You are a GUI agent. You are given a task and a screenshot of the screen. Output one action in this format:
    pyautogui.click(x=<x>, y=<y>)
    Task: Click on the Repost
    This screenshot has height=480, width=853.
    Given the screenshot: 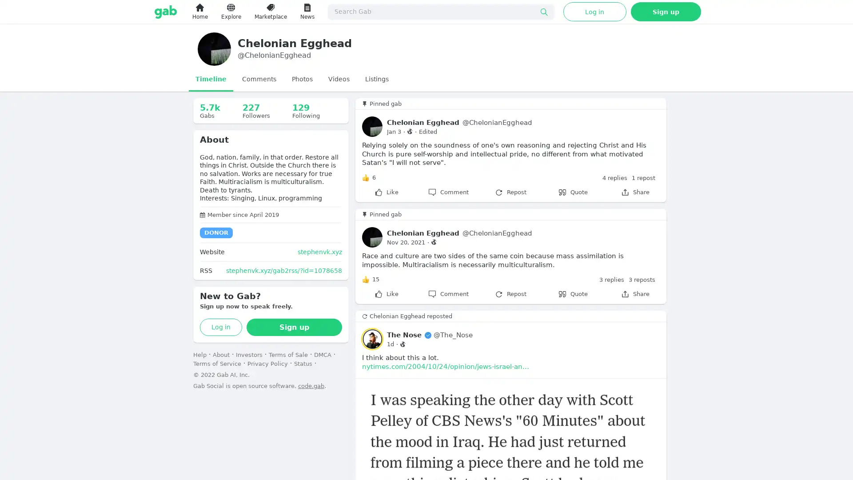 What is the action you would take?
    pyautogui.click(x=511, y=192)
    